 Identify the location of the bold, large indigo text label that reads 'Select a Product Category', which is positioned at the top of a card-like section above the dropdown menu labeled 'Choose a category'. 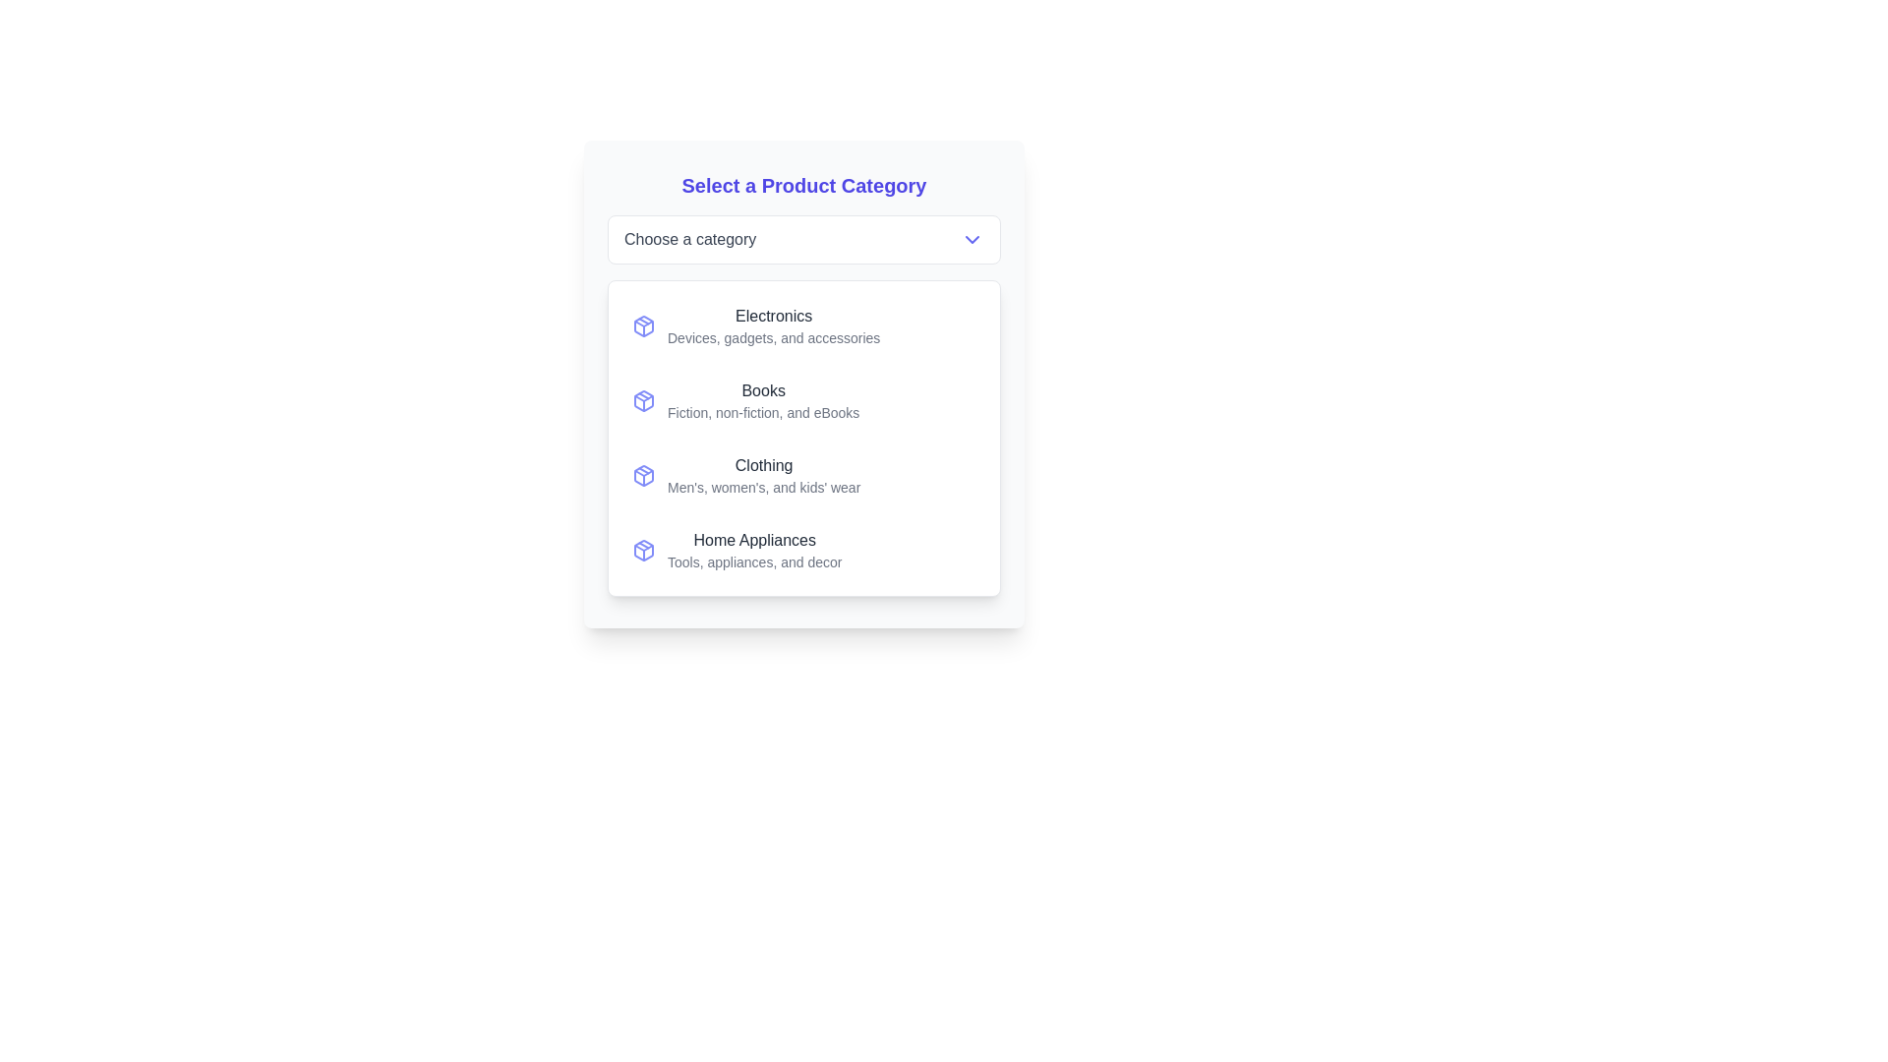
(803, 186).